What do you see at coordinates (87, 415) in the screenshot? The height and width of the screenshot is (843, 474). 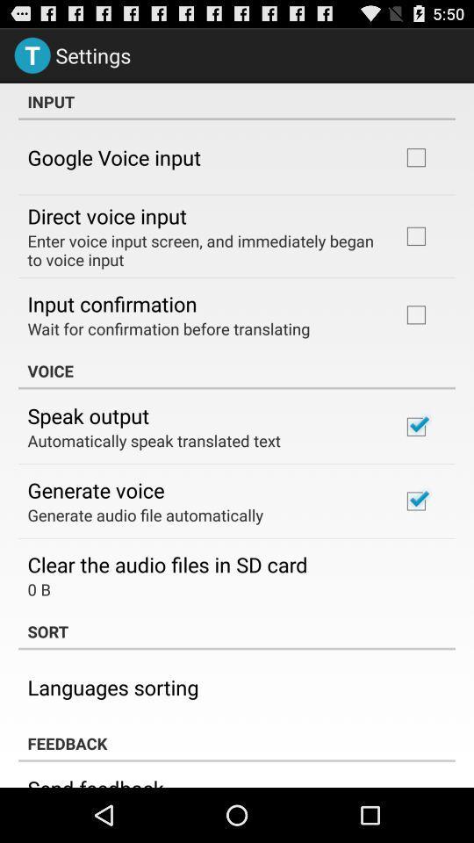 I see `app above automatically speak translated icon` at bounding box center [87, 415].